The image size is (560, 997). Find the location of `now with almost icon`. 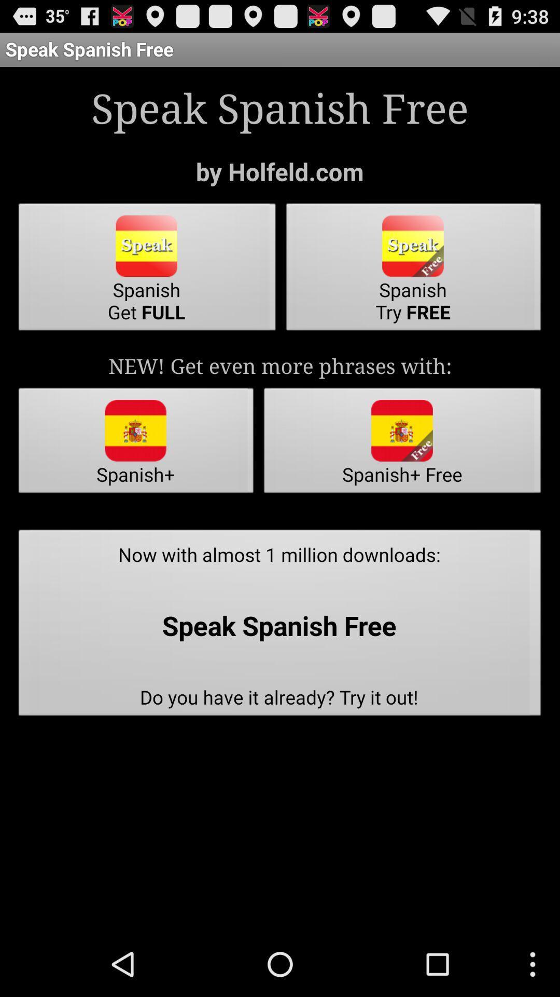

now with almost icon is located at coordinates (280, 625).